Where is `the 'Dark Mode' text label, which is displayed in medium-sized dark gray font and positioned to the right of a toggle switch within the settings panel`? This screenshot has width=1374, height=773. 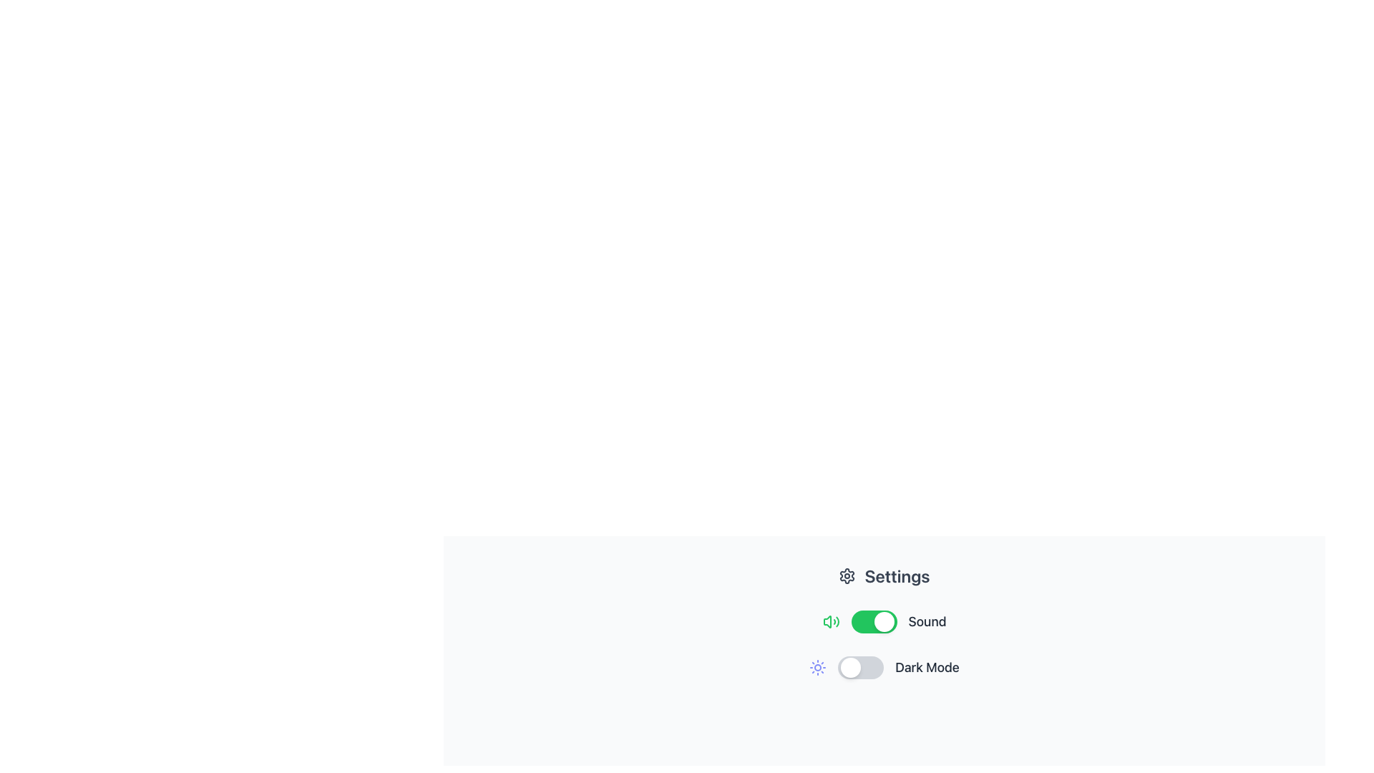
the 'Dark Mode' text label, which is displayed in medium-sized dark gray font and positioned to the right of a toggle switch within the settings panel is located at coordinates (927, 668).